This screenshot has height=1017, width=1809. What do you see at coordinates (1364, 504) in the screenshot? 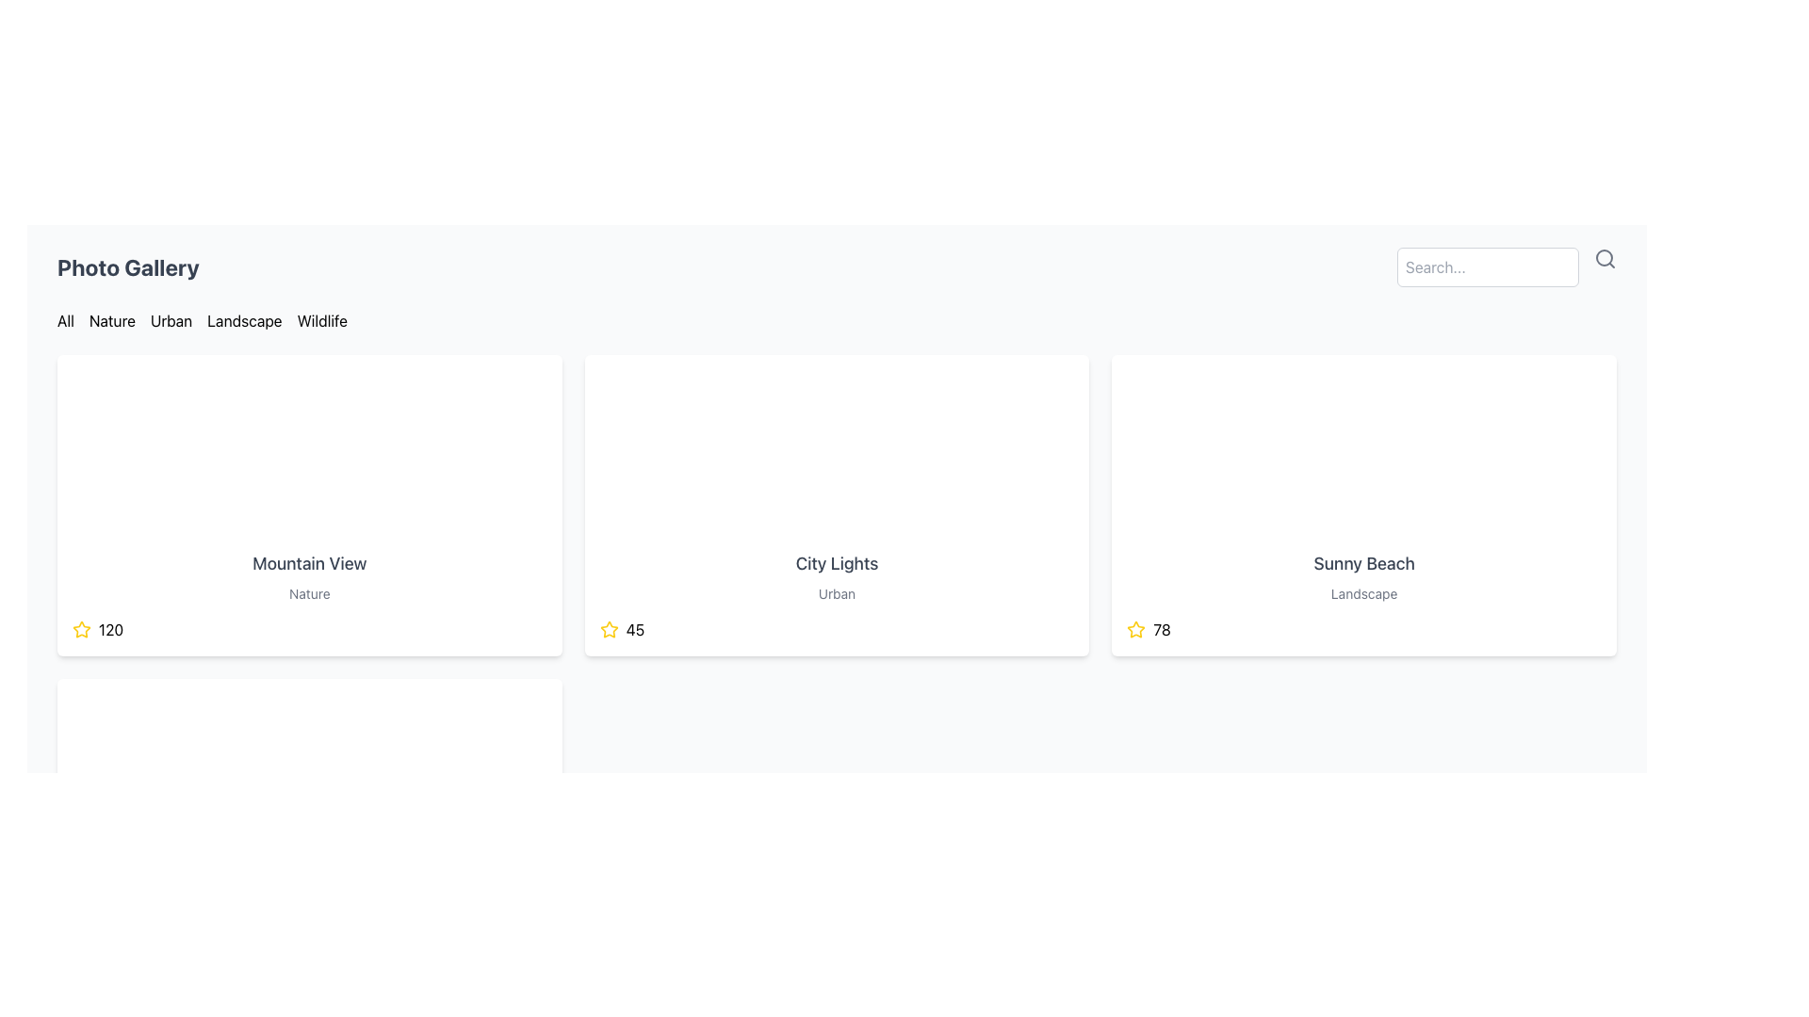
I see `the third Informative Card in the grid layout, located in the first row and to the right of the 'City Lights' card` at bounding box center [1364, 504].